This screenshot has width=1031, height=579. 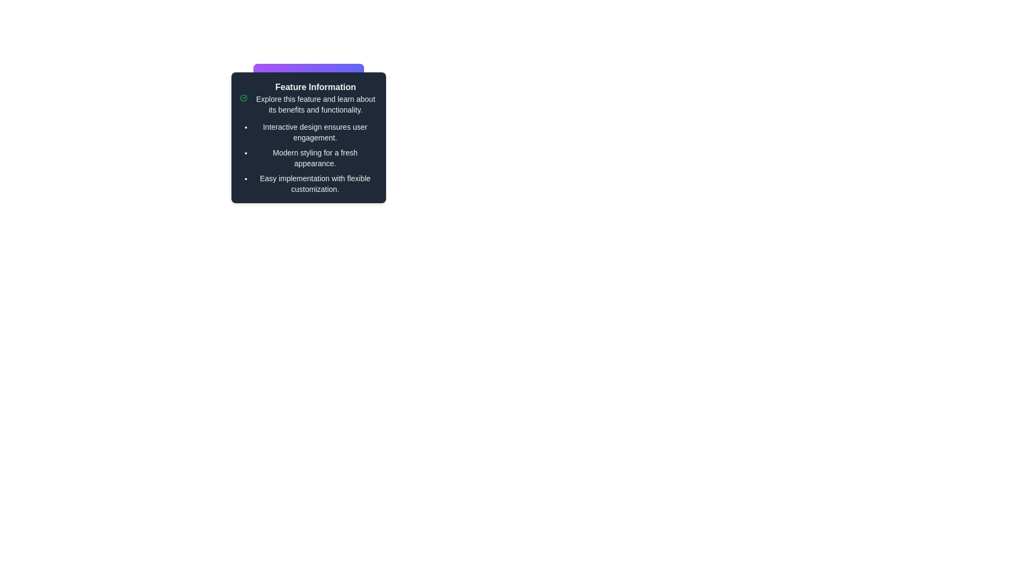 I want to click on the unordered list element located centrally within the modal under the title 'Feature Information' and description text, so click(x=314, y=158).